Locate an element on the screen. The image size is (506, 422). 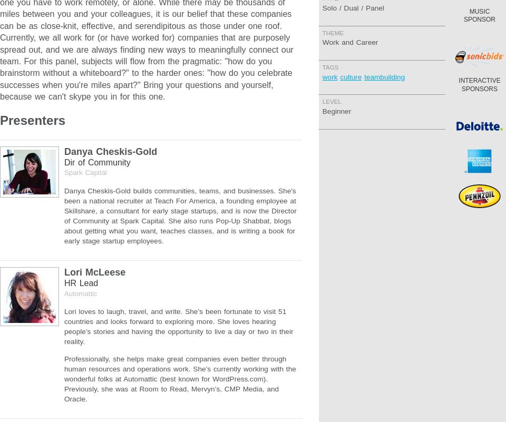
'Presenters' is located at coordinates (0, 120).